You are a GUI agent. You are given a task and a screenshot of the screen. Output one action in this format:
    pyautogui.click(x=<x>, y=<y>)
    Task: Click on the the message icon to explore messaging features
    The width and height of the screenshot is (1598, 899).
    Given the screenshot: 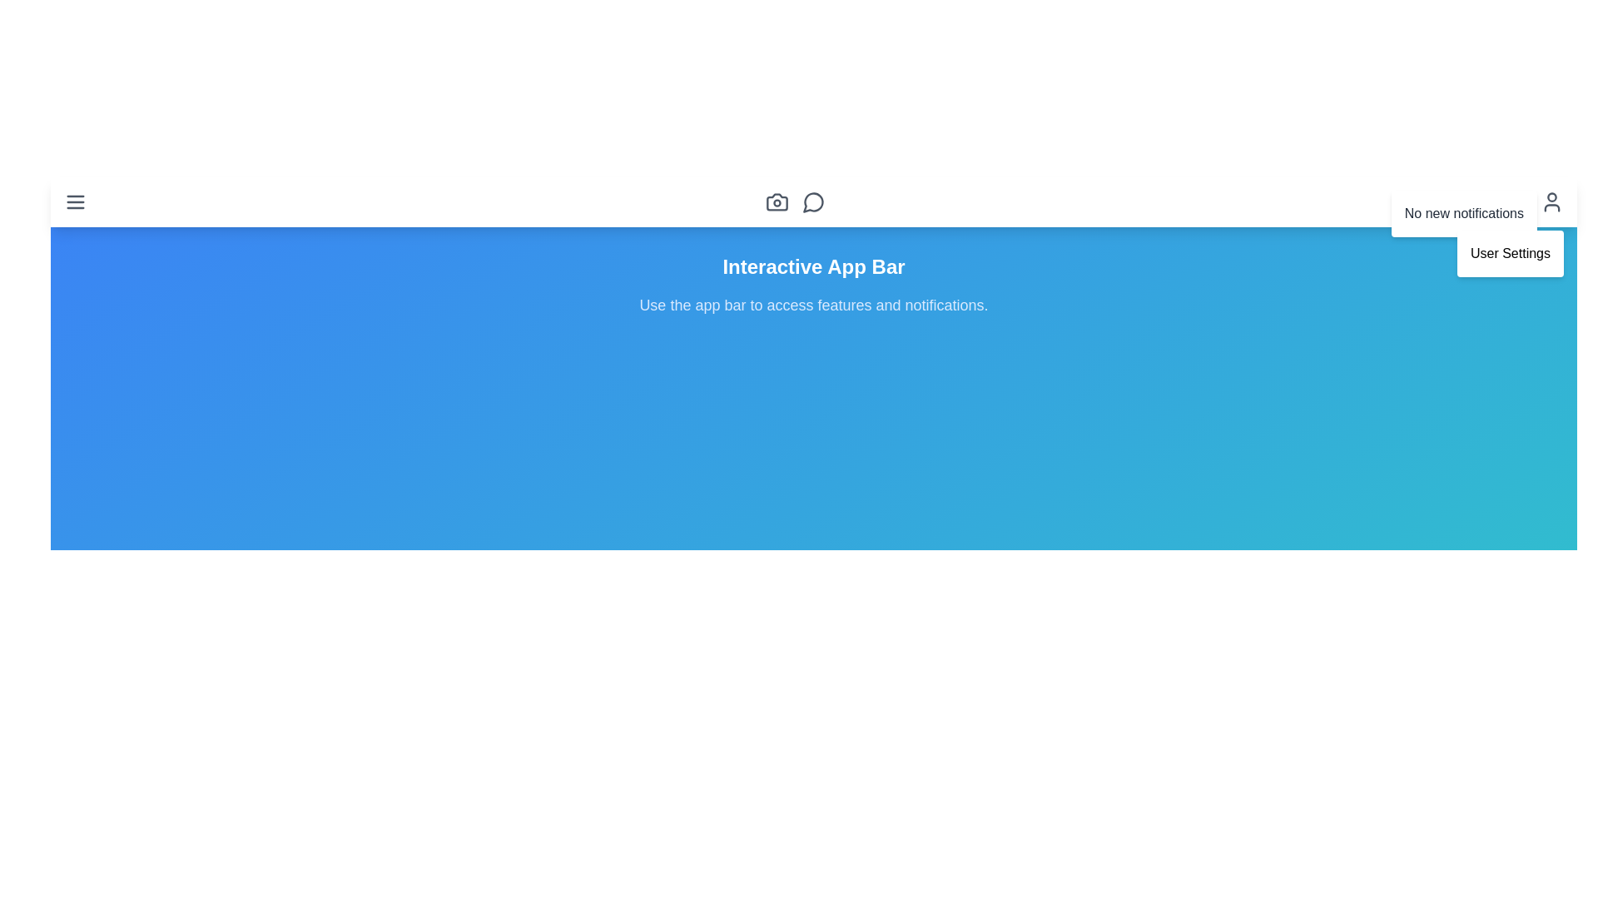 What is the action you would take?
    pyautogui.click(x=814, y=201)
    